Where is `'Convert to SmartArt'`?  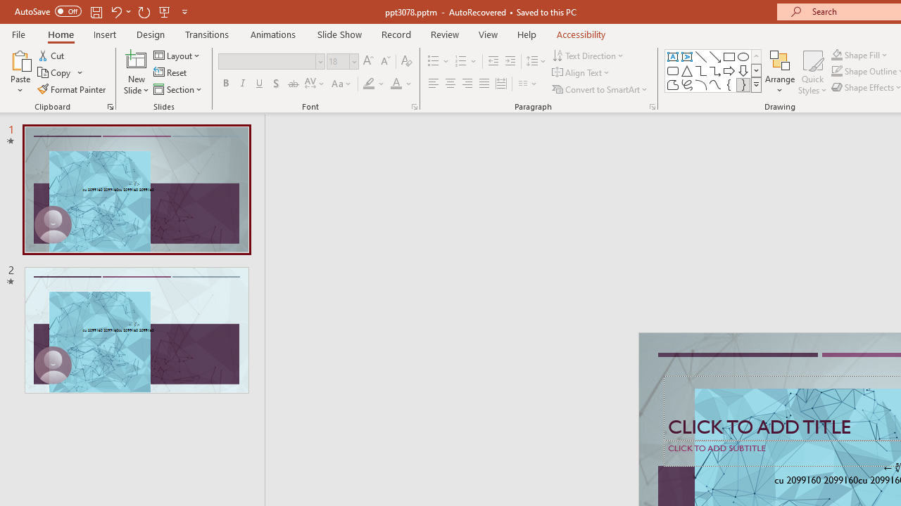
'Convert to SmartArt' is located at coordinates (600, 89).